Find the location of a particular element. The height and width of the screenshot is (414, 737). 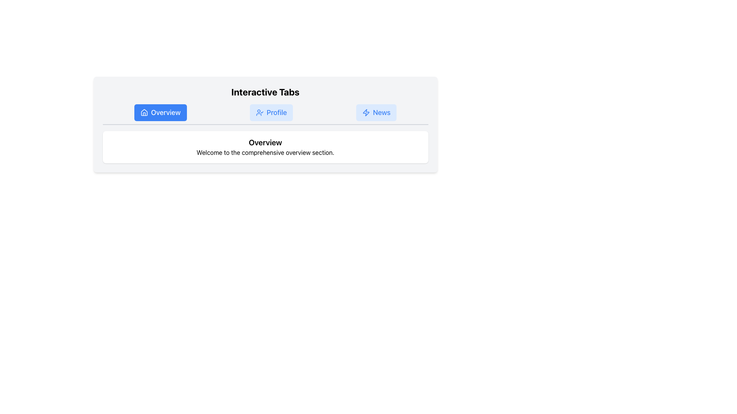

the user profile icon with a checkmark located within the 'Profile' button, which is styled with a light blue background and blue text is located at coordinates (259, 112).